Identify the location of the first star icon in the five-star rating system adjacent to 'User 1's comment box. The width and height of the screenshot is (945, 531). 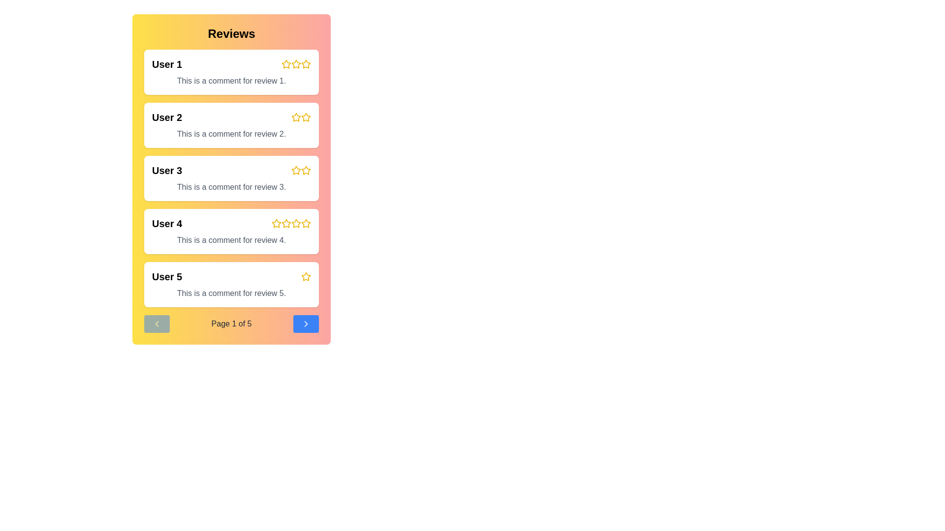
(295, 64).